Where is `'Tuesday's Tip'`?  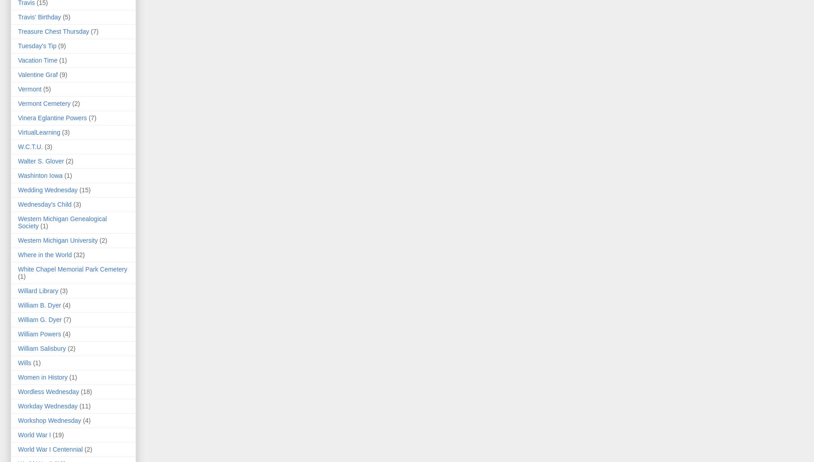
'Tuesday's Tip' is located at coordinates (36, 45).